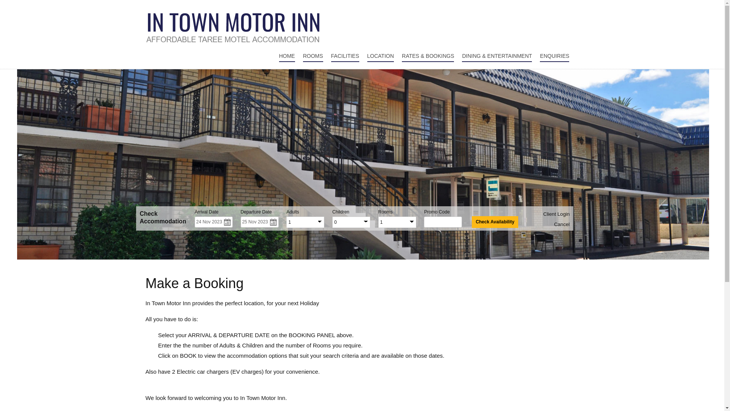  Describe the element at coordinates (557, 214) in the screenshot. I see `'Client Login'` at that location.